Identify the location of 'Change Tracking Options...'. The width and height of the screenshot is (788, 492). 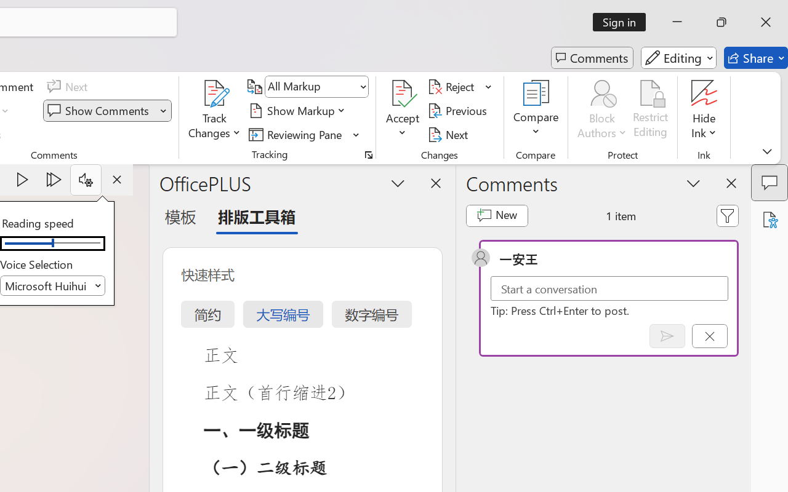
(368, 154).